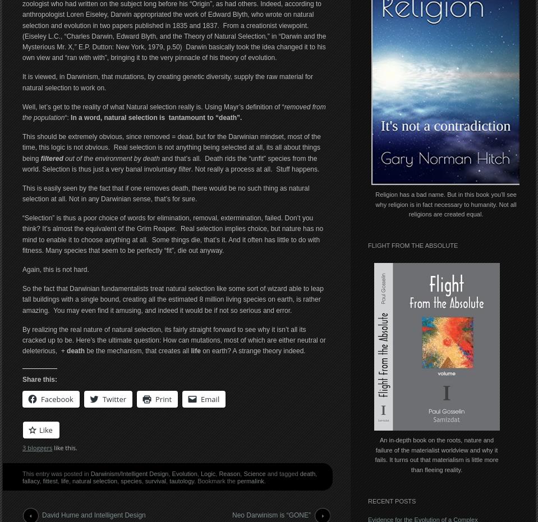  I want to click on 'Logic', so click(208, 473).